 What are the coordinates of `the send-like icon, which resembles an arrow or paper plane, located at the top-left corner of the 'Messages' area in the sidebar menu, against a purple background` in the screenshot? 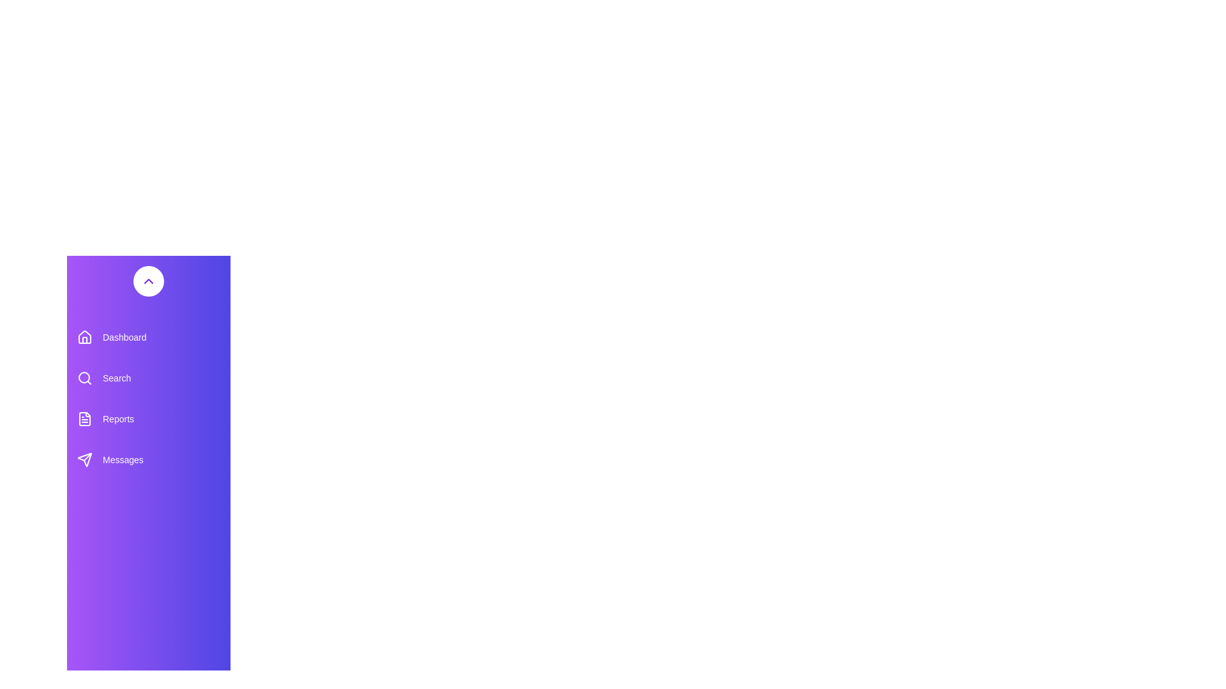 It's located at (84, 460).